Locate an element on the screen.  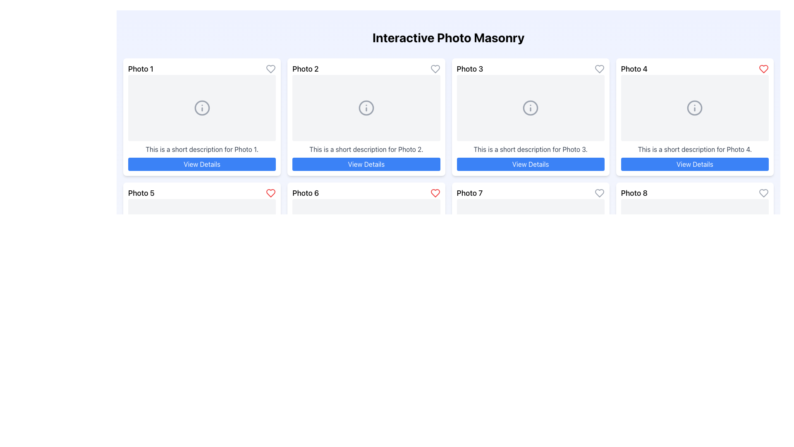
the help icon located at the top center of the 'Photo 3' section in the 'Interactive Photo Masonry' grid is located at coordinates (531, 108).